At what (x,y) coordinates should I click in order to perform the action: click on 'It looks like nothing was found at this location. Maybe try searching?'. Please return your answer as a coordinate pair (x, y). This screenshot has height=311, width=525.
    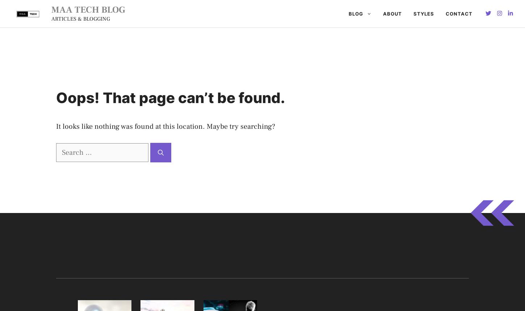
    Looking at the image, I should click on (165, 127).